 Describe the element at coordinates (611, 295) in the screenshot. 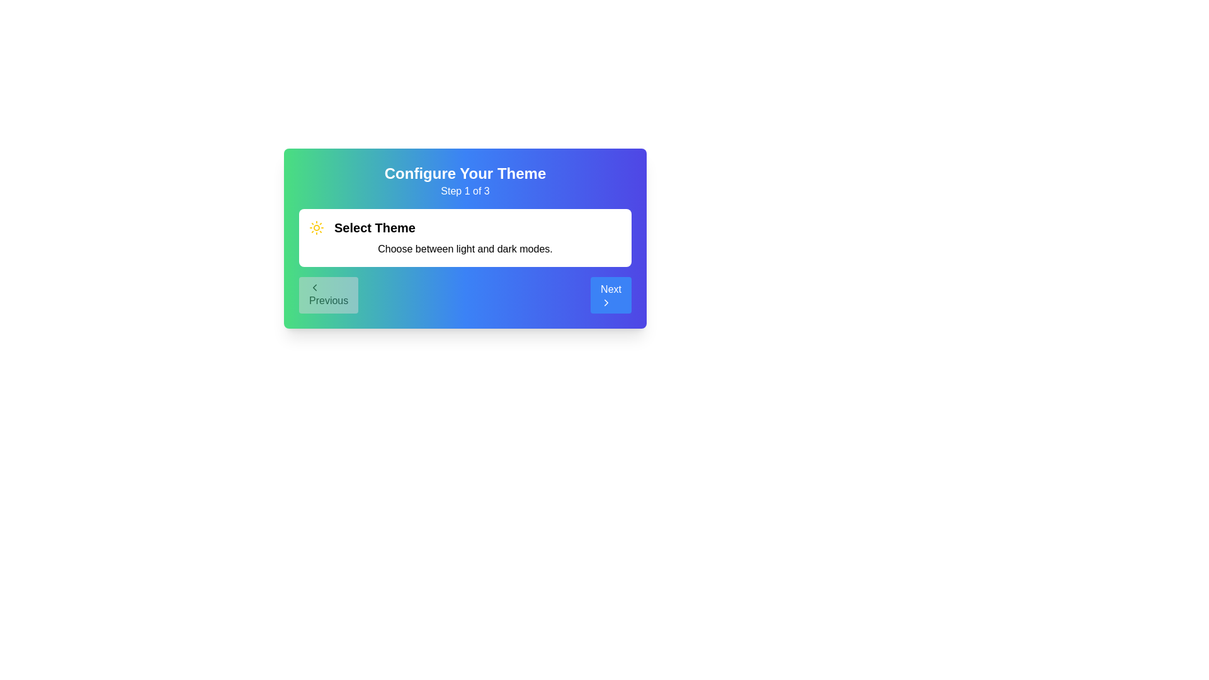

I see `the 'Next' button located at the bottom-right corner of the card layout` at that location.